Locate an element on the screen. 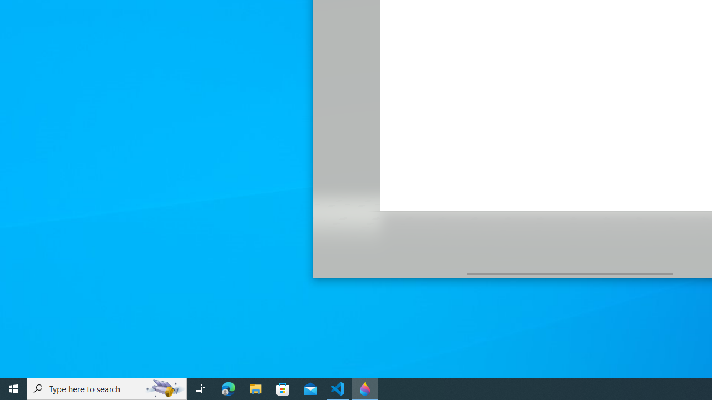 The image size is (712, 400). 'Paint 3D - 1 running window' is located at coordinates (365, 388).